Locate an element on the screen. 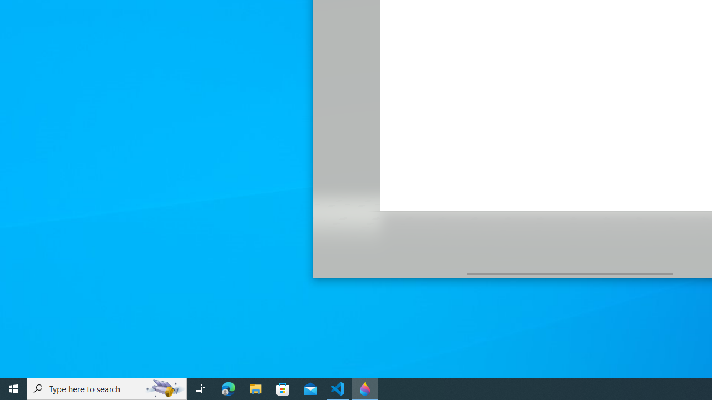 The image size is (712, 400). 'Paint 3D - 1 running window' is located at coordinates (365, 388).